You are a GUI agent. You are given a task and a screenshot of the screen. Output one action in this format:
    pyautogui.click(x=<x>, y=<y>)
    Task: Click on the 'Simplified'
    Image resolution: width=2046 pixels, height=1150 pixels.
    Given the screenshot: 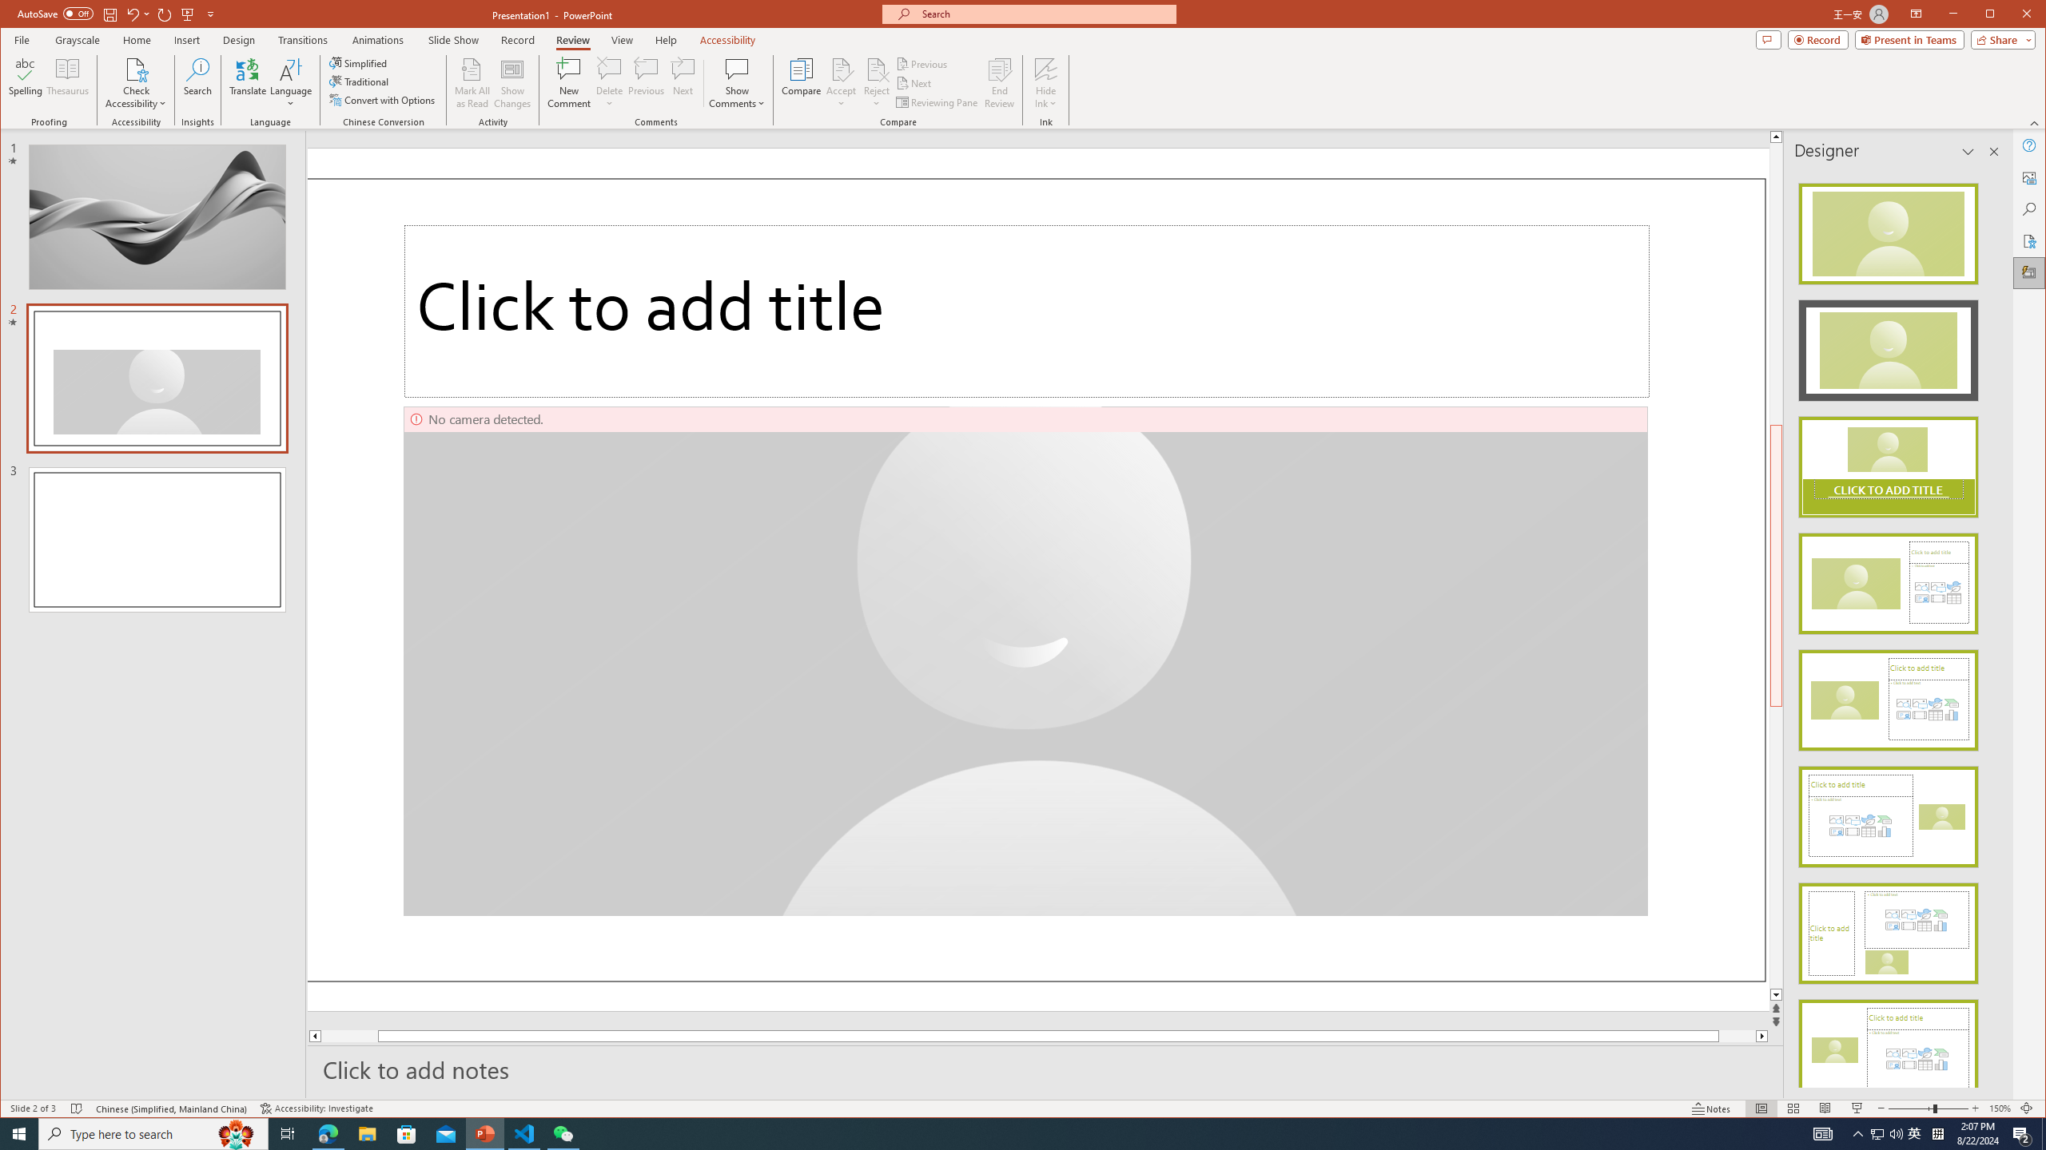 What is the action you would take?
    pyautogui.click(x=359, y=62)
    